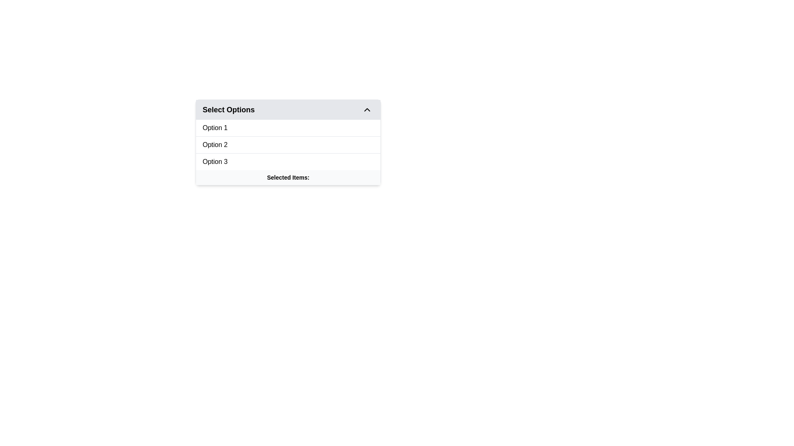 The width and height of the screenshot is (794, 446). What do you see at coordinates (288, 144) in the screenshot?
I see `the second option in the dropdown menu` at bounding box center [288, 144].